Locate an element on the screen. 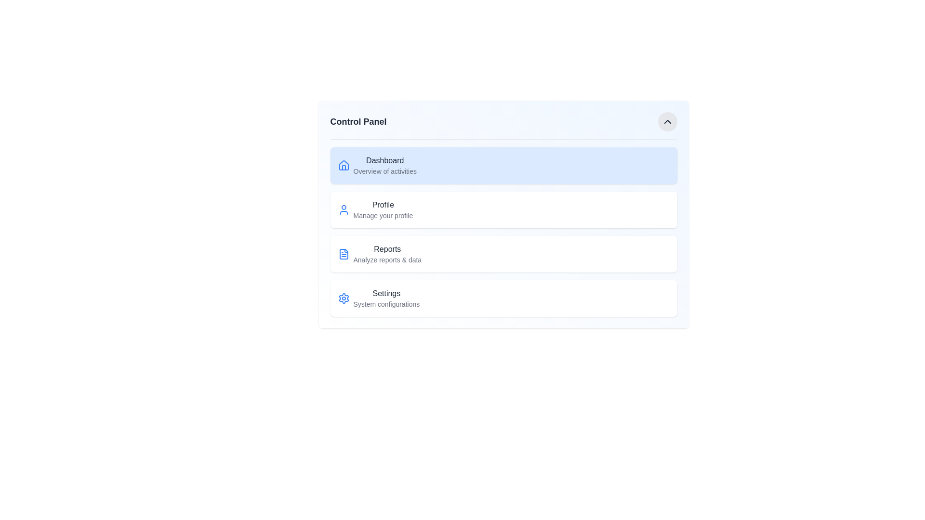 The height and width of the screenshot is (520, 925). the circular button with a light gray background and a black upward-facing chevron icon located is located at coordinates (667, 121).